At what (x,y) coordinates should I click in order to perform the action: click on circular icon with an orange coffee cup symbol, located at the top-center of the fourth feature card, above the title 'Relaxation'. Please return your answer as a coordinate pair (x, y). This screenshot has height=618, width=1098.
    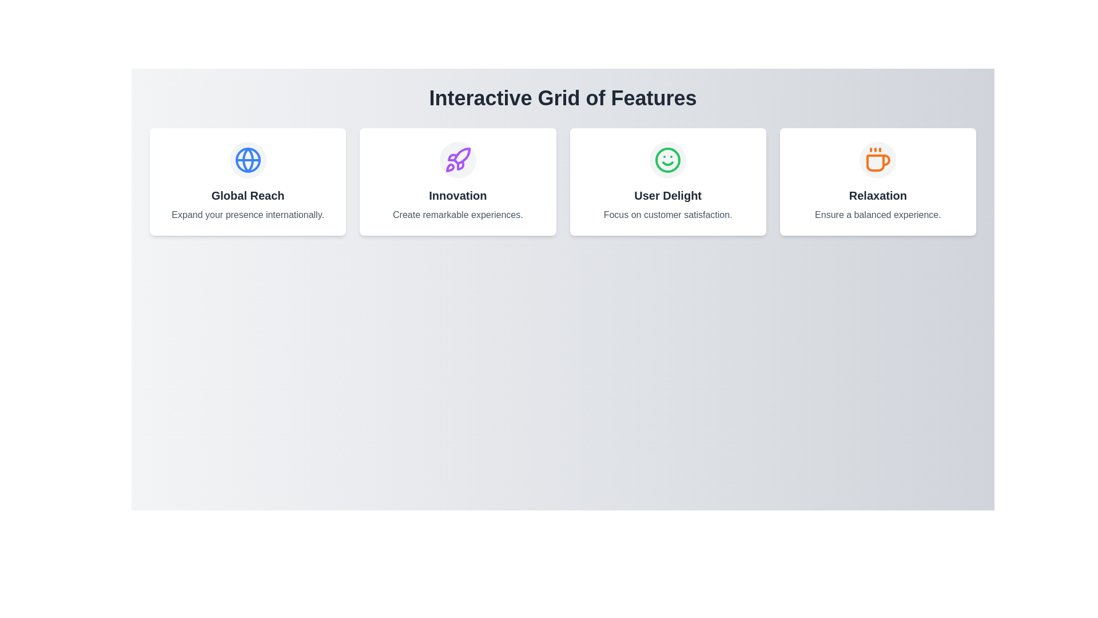
    Looking at the image, I should click on (877, 160).